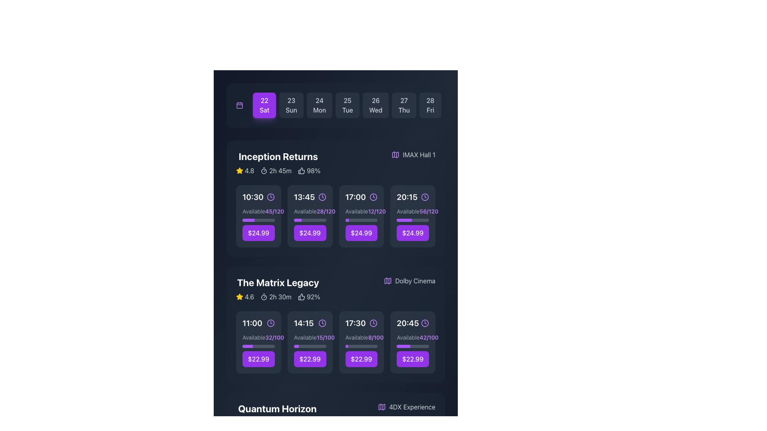  What do you see at coordinates (425, 323) in the screenshot?
I see `the circular outline icon of the clock, which is located in the lower section of the page adjacent to the time '20:45' for 'The Matrix Legacy'` at bounding box center [425, 323].